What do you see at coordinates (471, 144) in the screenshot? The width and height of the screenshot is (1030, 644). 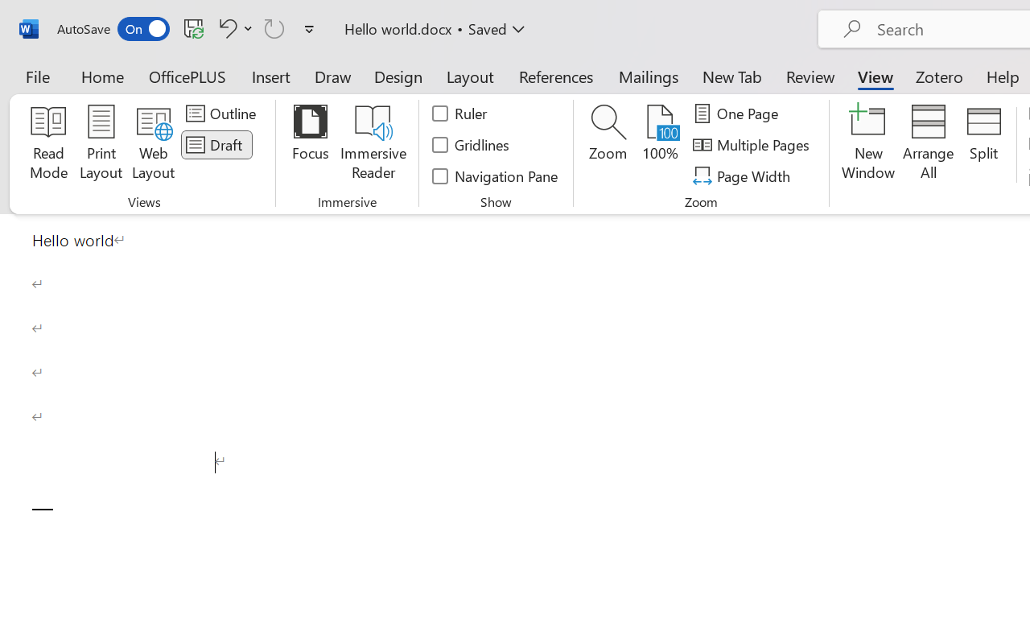 I see `'Gridlines'` at bounding box center [471, 144].